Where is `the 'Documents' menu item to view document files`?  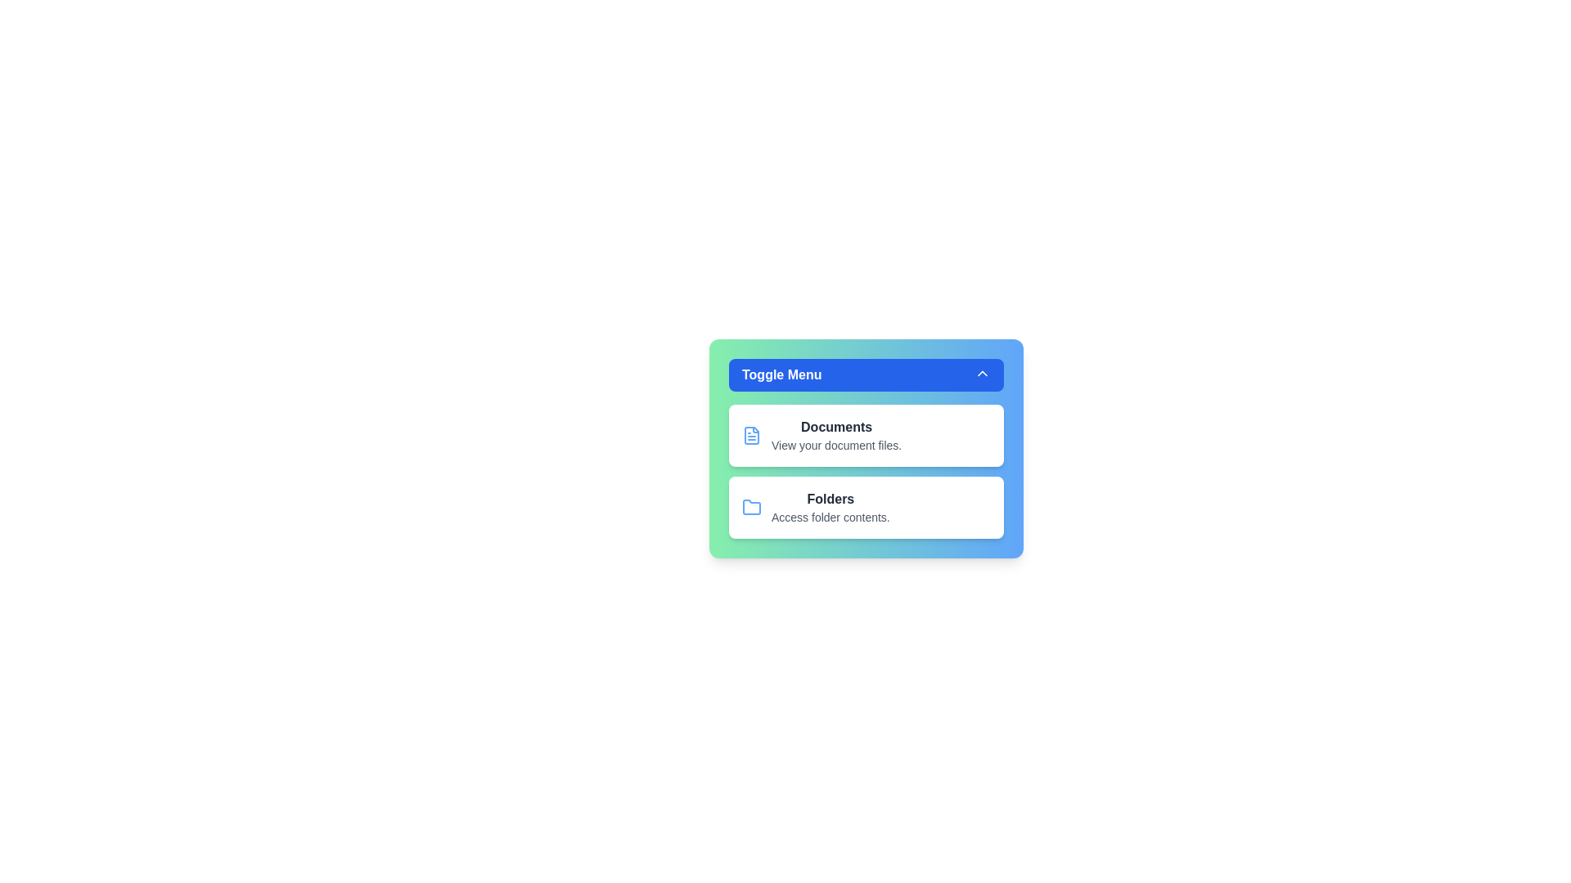
the 'Documents' menu item to view document files is located at coordinates (836, 427).